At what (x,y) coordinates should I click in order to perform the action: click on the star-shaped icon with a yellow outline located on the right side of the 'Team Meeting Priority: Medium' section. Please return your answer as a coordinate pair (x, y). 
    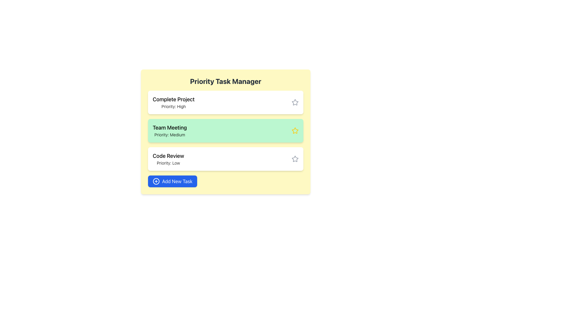
    Looking at the image, I should click on (295, 130).